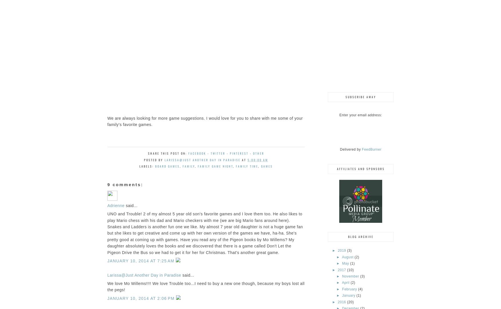 The width and height of the screenshot is (501, 309). Describe the element at coordinates (360, 97) in the screenshot. I see `'Subscribe Away'` at that location.